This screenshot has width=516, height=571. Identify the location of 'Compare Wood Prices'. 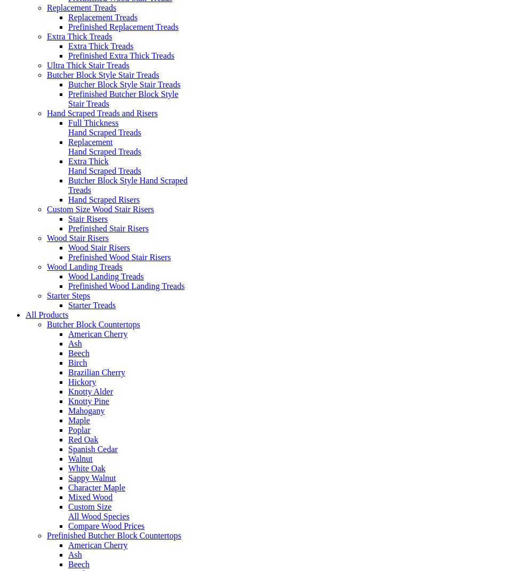
(106, 525).